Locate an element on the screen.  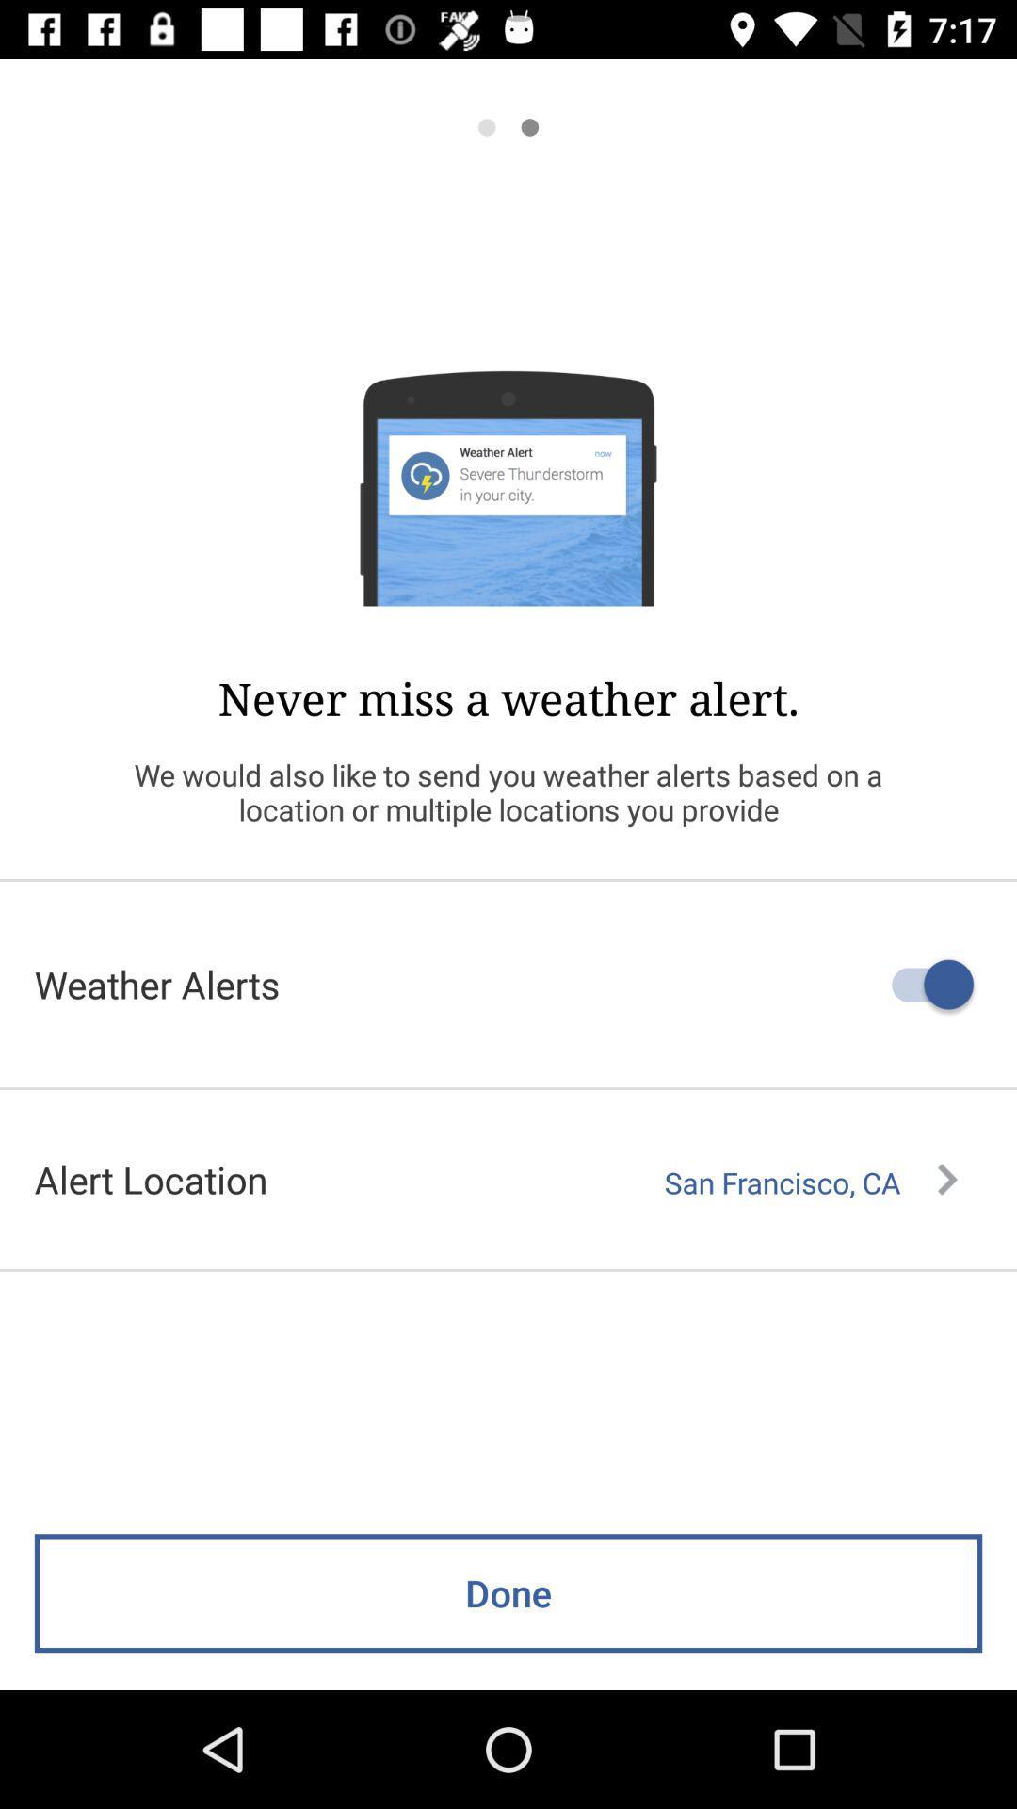
icon to the right of the alert location is located at coordinates (810, 1182).